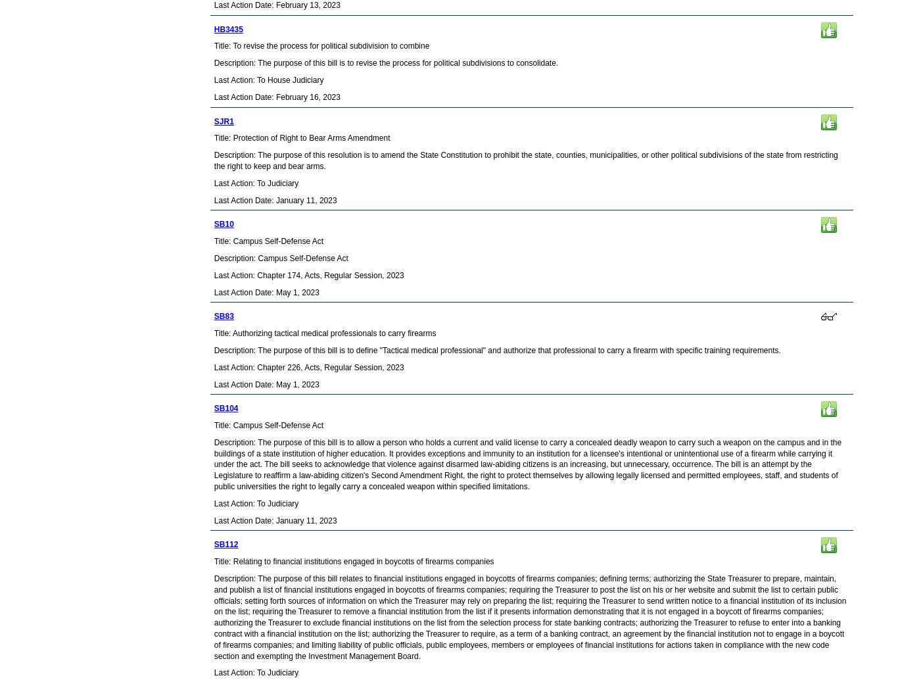 This screenshot has height=684, width=898. Describe the element at coordinates (527, 464) in the screenshot. I see `'Description: The purpose of this bill is to allow a person who holds a current and valid license to carry a concealed deadly weapon to carry such a weapon on the campus and in the buildings of a state institution of higher education. It provides exceptions and immunity to an institution for a licensee's intentional or unintentional use of a firearm while carrying it under the act. The bill seeks to acknowledge that violence against disarmed law-abiding citizens is an increasing, but unnecessary, occurrence. The bill is an attempt by the Legislature to reaffirm a law-abiding citizen's Second Amendment Right, the right to protect themselves by allowing legally licensed and permitted employees, staff, and students of public universities the right to legally carry a concealed weapon within specified limitations.'` at that location.